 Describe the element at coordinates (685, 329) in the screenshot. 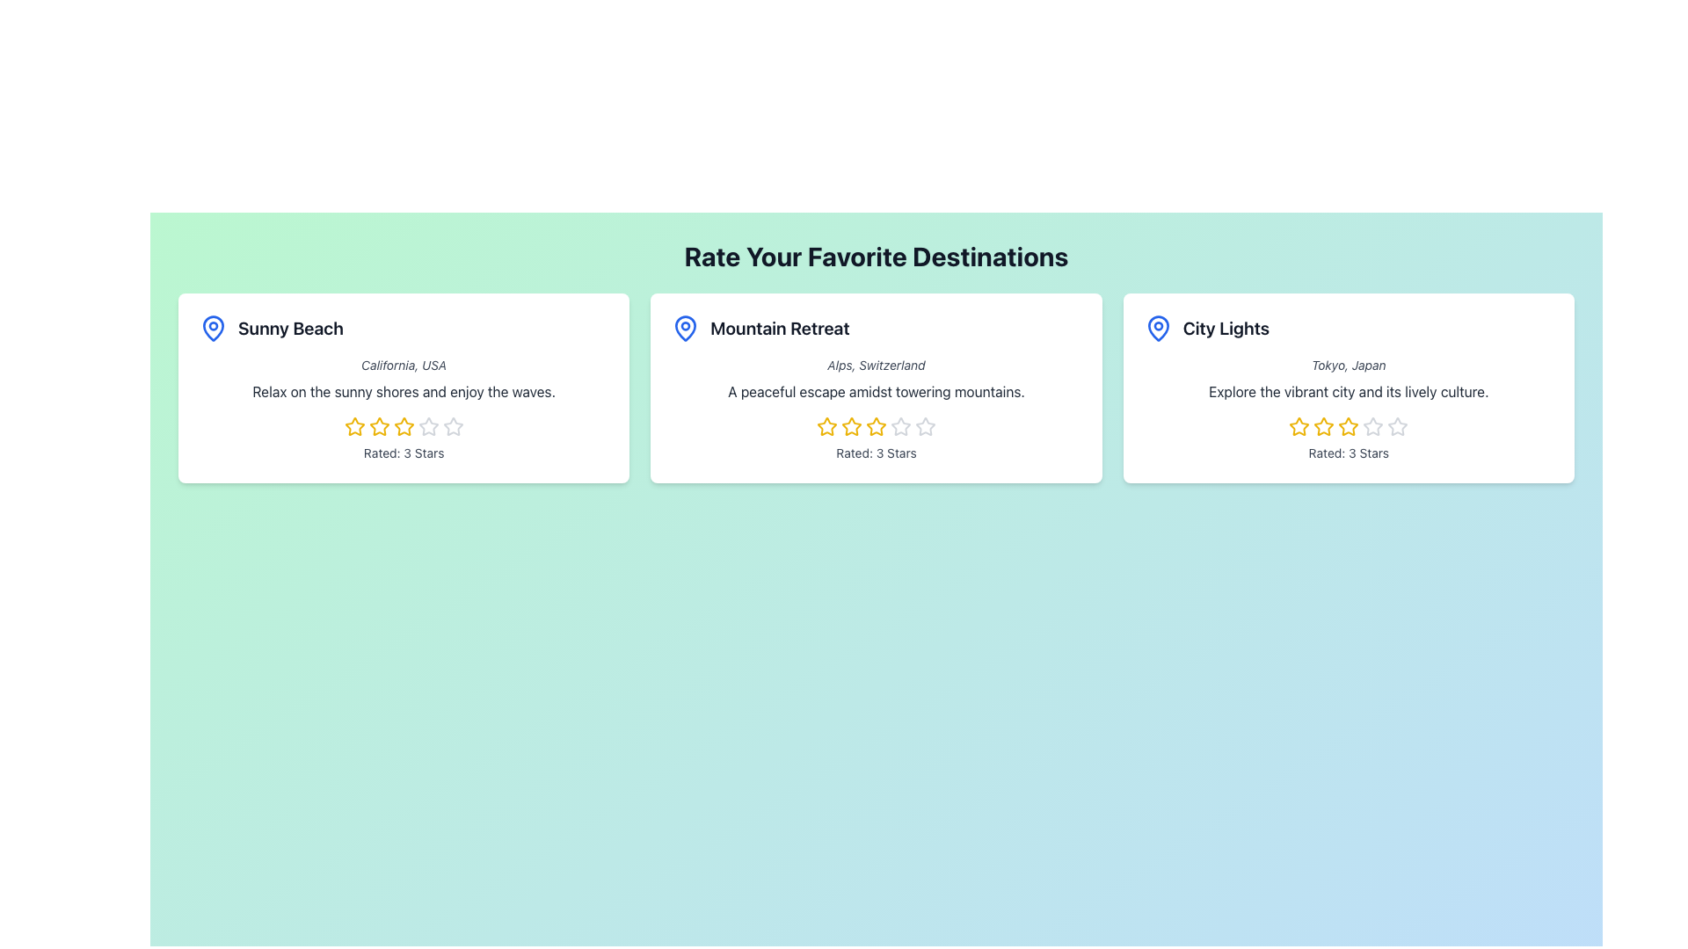

I see `the blue pin icon resembling a location marker located to the left of the 'Mountain Retreat' text` at that location.